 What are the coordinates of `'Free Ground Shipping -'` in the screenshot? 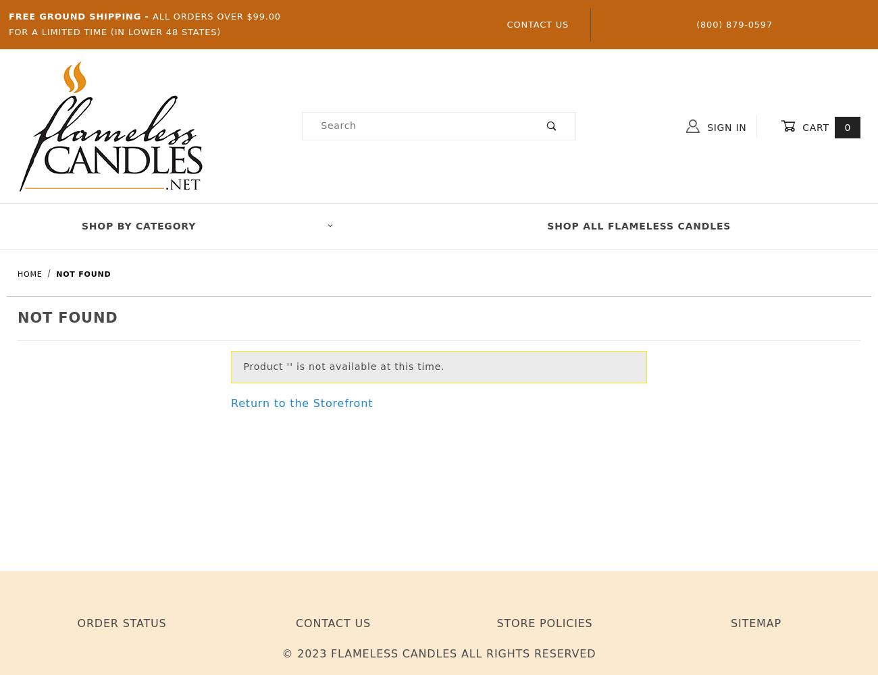 It's located at (80, 16).